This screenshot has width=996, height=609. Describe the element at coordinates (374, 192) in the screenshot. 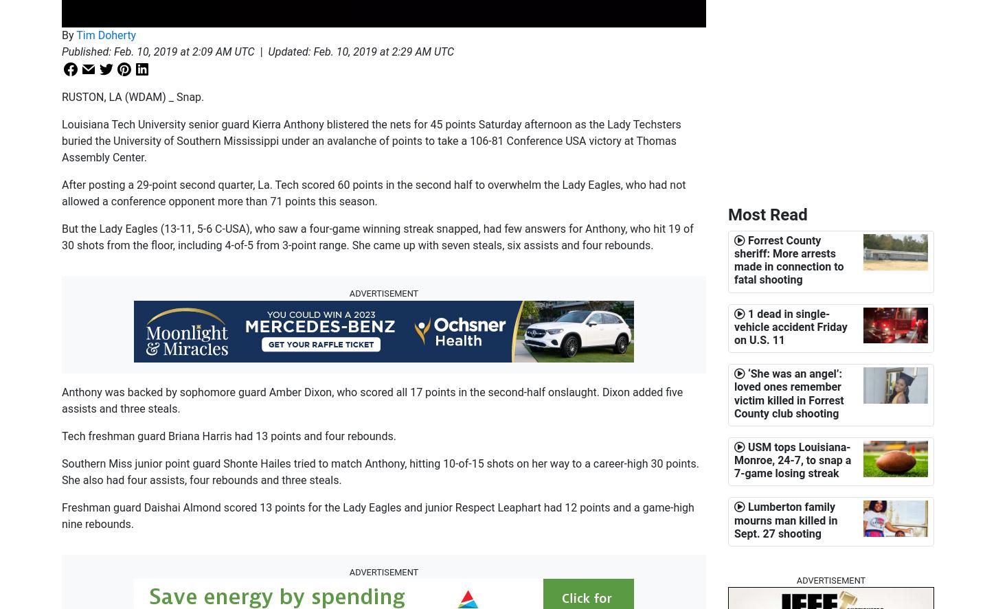

I see `'After posting a 29-point second quarter, La. Tech scored 60 points in the second half to overwhelm the Lady Eagles, who had not allowed a conference opponent more than 71 points this season.'` at that location.